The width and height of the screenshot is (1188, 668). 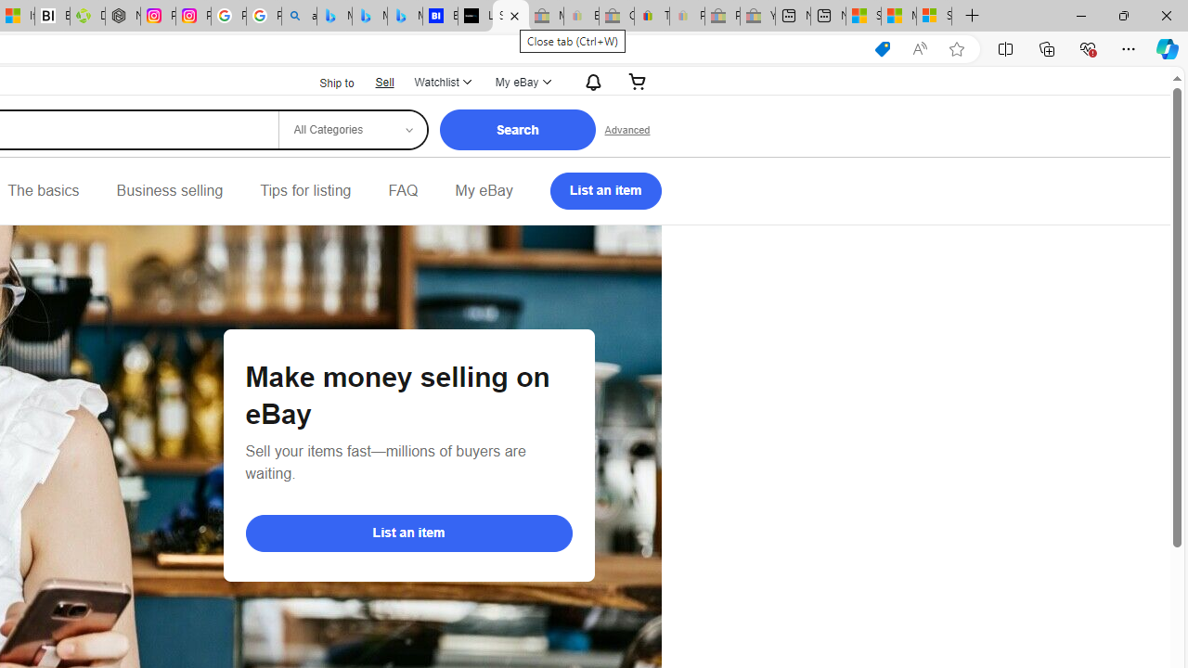 I want to click on 'List an item', so click(x=407, y=533).